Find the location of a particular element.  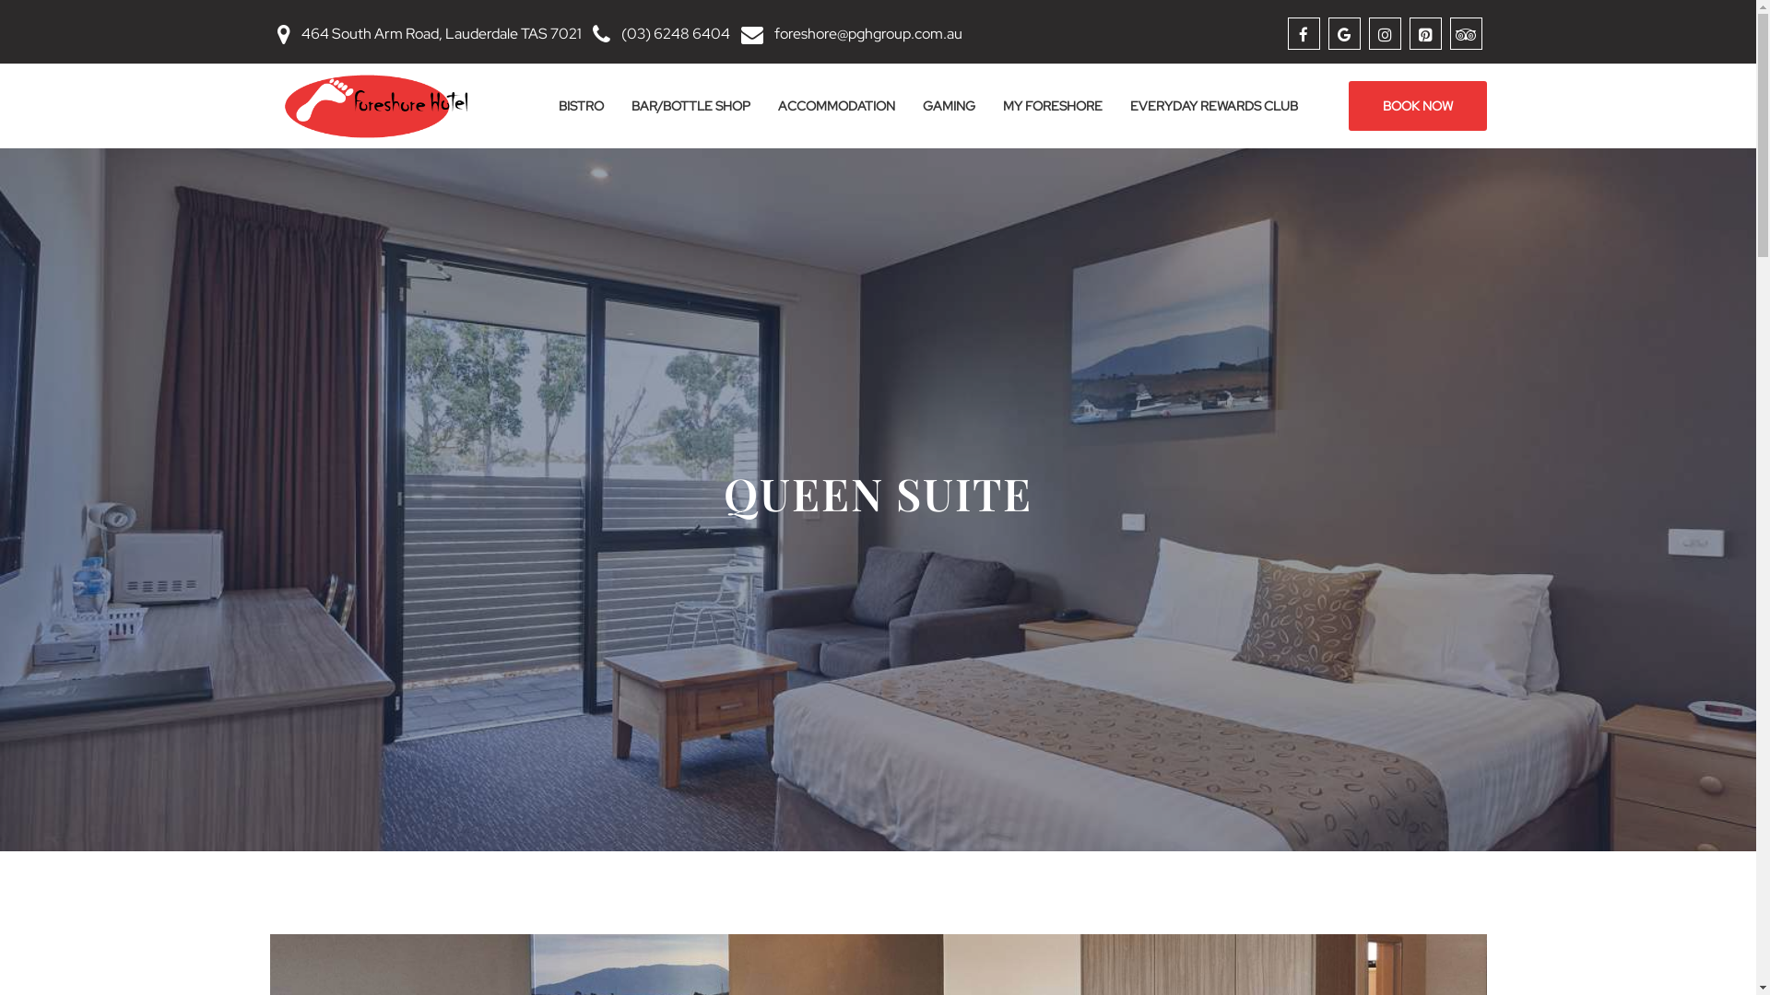

'BISTRO is located at coordinates (579, 106).